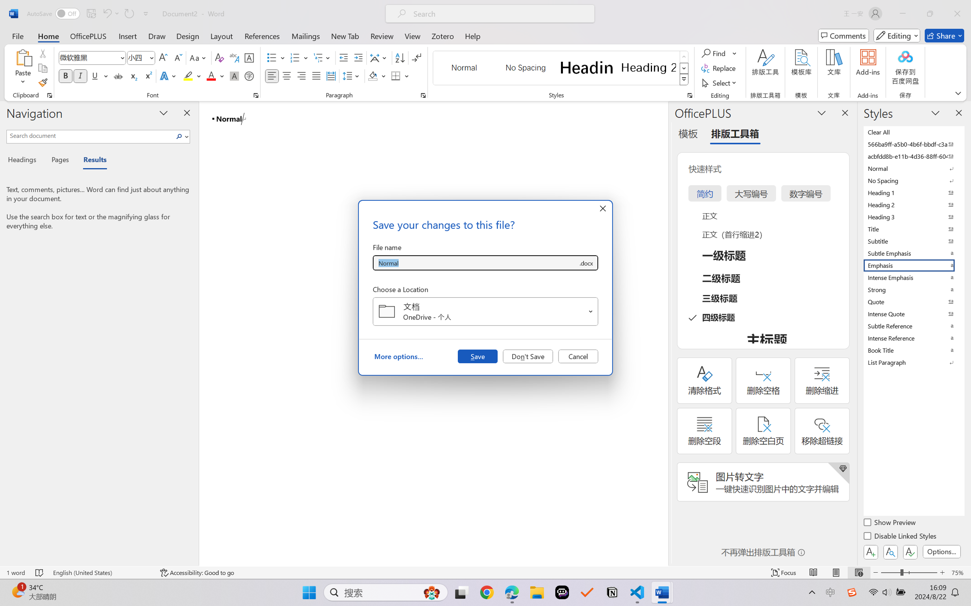 This screenshot has height=606, width=971. I want to click on 'Asian Layout', so click(379, 58).